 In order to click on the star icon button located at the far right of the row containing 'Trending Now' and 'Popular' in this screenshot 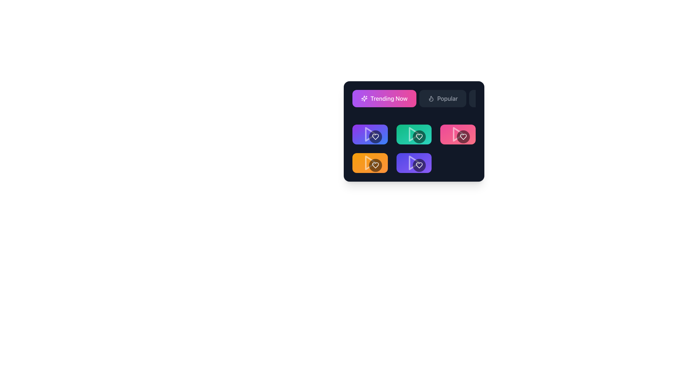, I will do `click(481, 98)`.